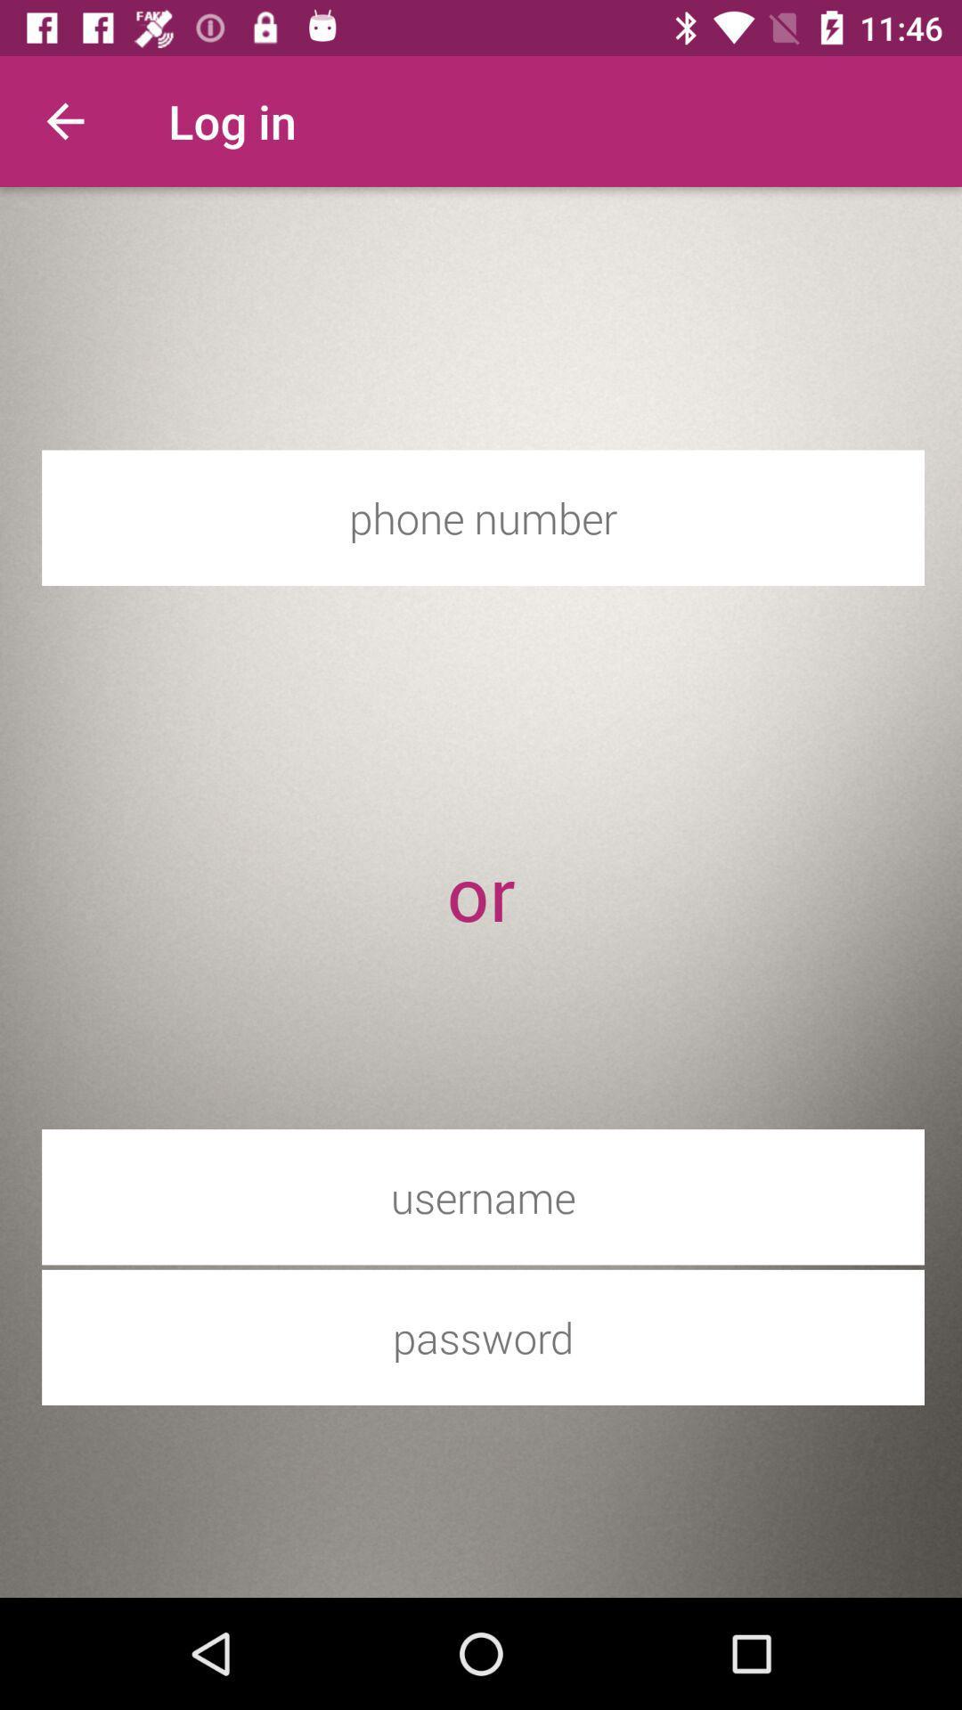 The image size is (962, 1710). Describe the element at coordinates (483, 1197) in the screenshot. I see `username` at that location.